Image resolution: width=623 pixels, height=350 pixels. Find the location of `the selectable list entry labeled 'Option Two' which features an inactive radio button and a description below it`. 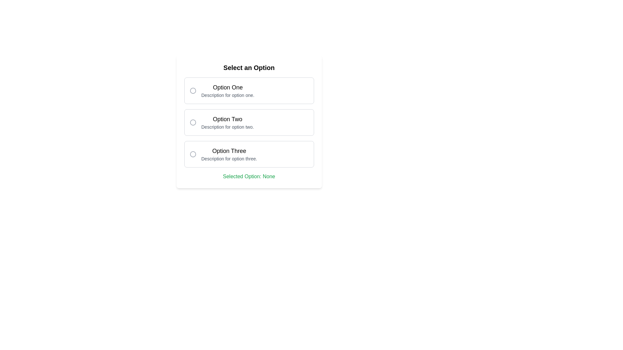

the selectable list entry labeled 'Option Two' which features an inactive radio button and a description below it is located at coordinates (249, 122).